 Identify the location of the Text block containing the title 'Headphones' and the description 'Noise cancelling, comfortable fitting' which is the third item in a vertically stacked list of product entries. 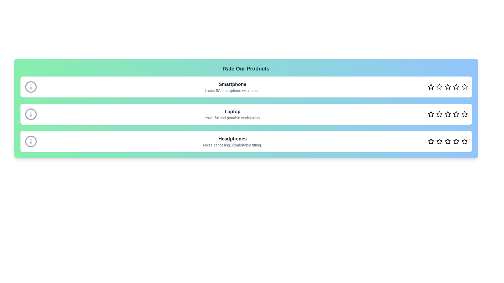
(232, 141).